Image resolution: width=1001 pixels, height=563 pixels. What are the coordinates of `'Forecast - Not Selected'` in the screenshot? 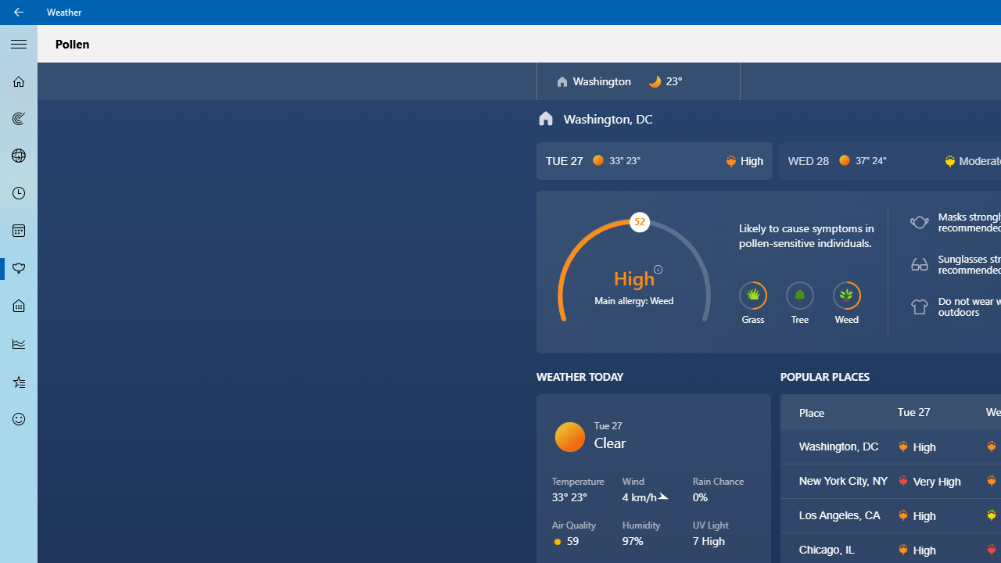 It's located at (19, 81).